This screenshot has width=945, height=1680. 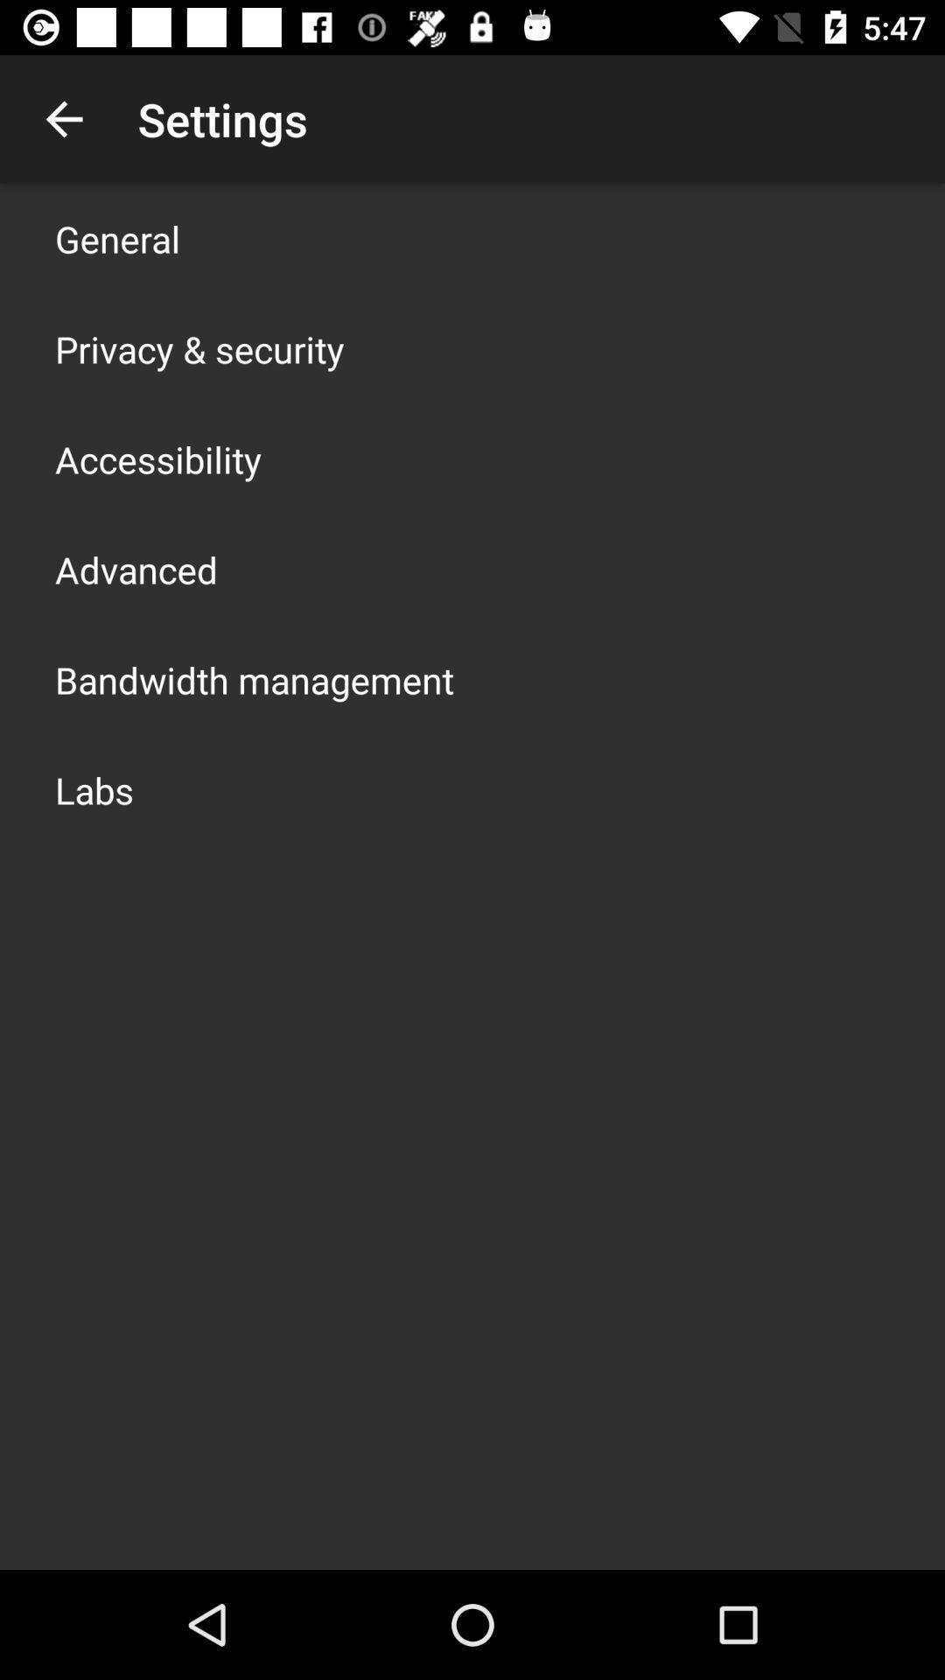 What do you see at coordinates (94, 788) in the screenshot?
I see `the icon below bandwidth management item` at bounding box center [94, 788].